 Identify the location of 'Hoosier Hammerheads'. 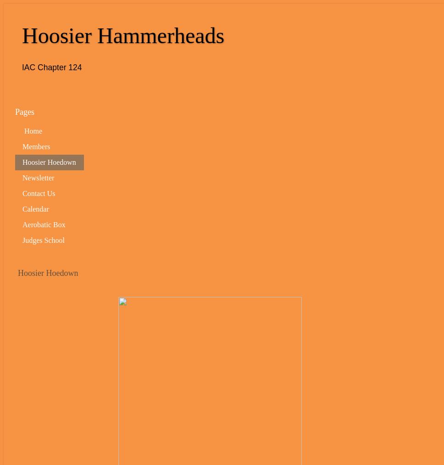
(123, 35).